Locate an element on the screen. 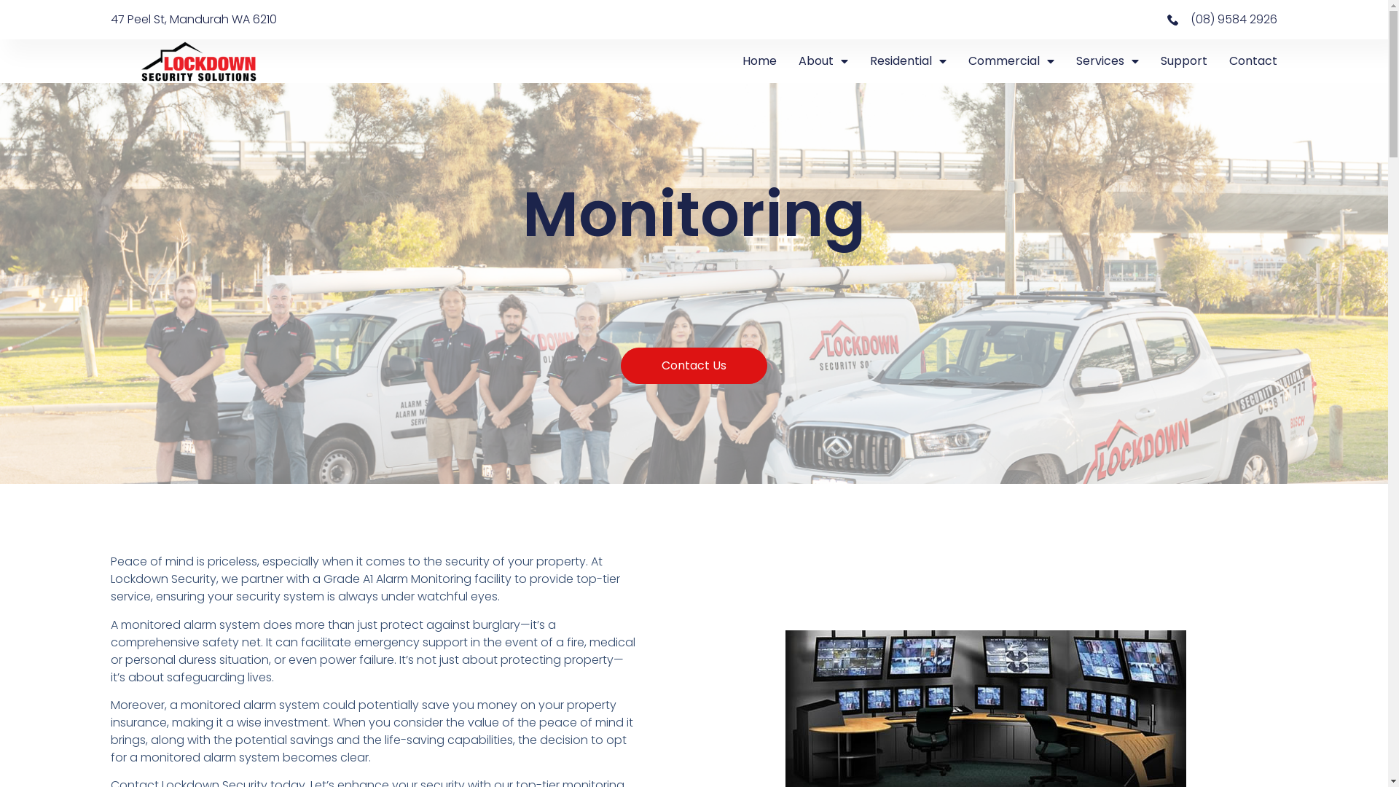  'About' is located at coordinates (797, 60).